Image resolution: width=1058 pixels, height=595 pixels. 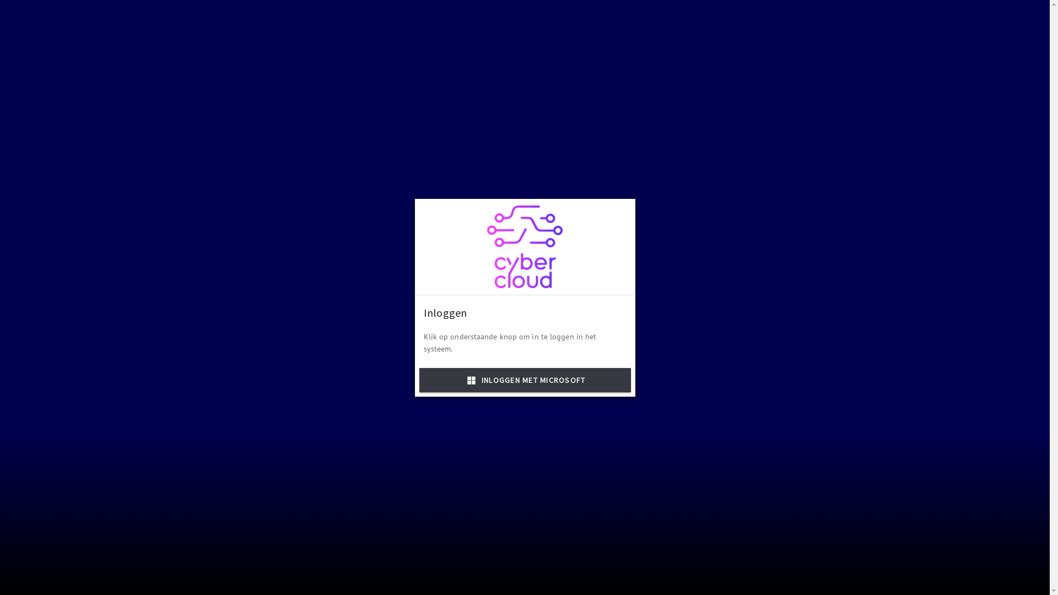 I want to click on 'INLOGGEN MET MICROSOFT', so click(x=523, y=380).